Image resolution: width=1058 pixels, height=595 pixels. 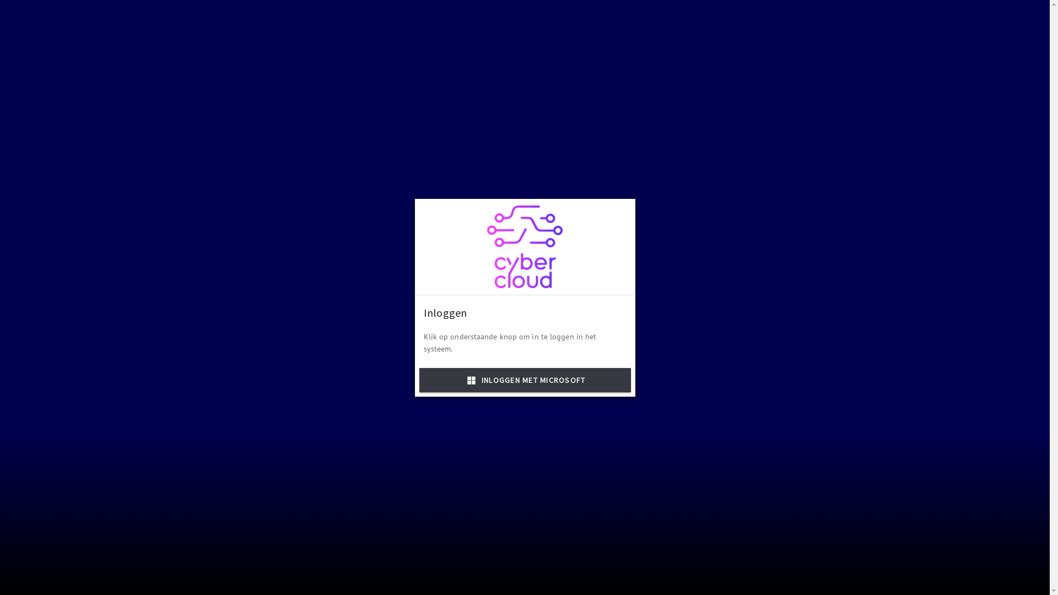 I want to click on 'INLOGGEN MET MICROSOFT', so click(x=523, y=380).